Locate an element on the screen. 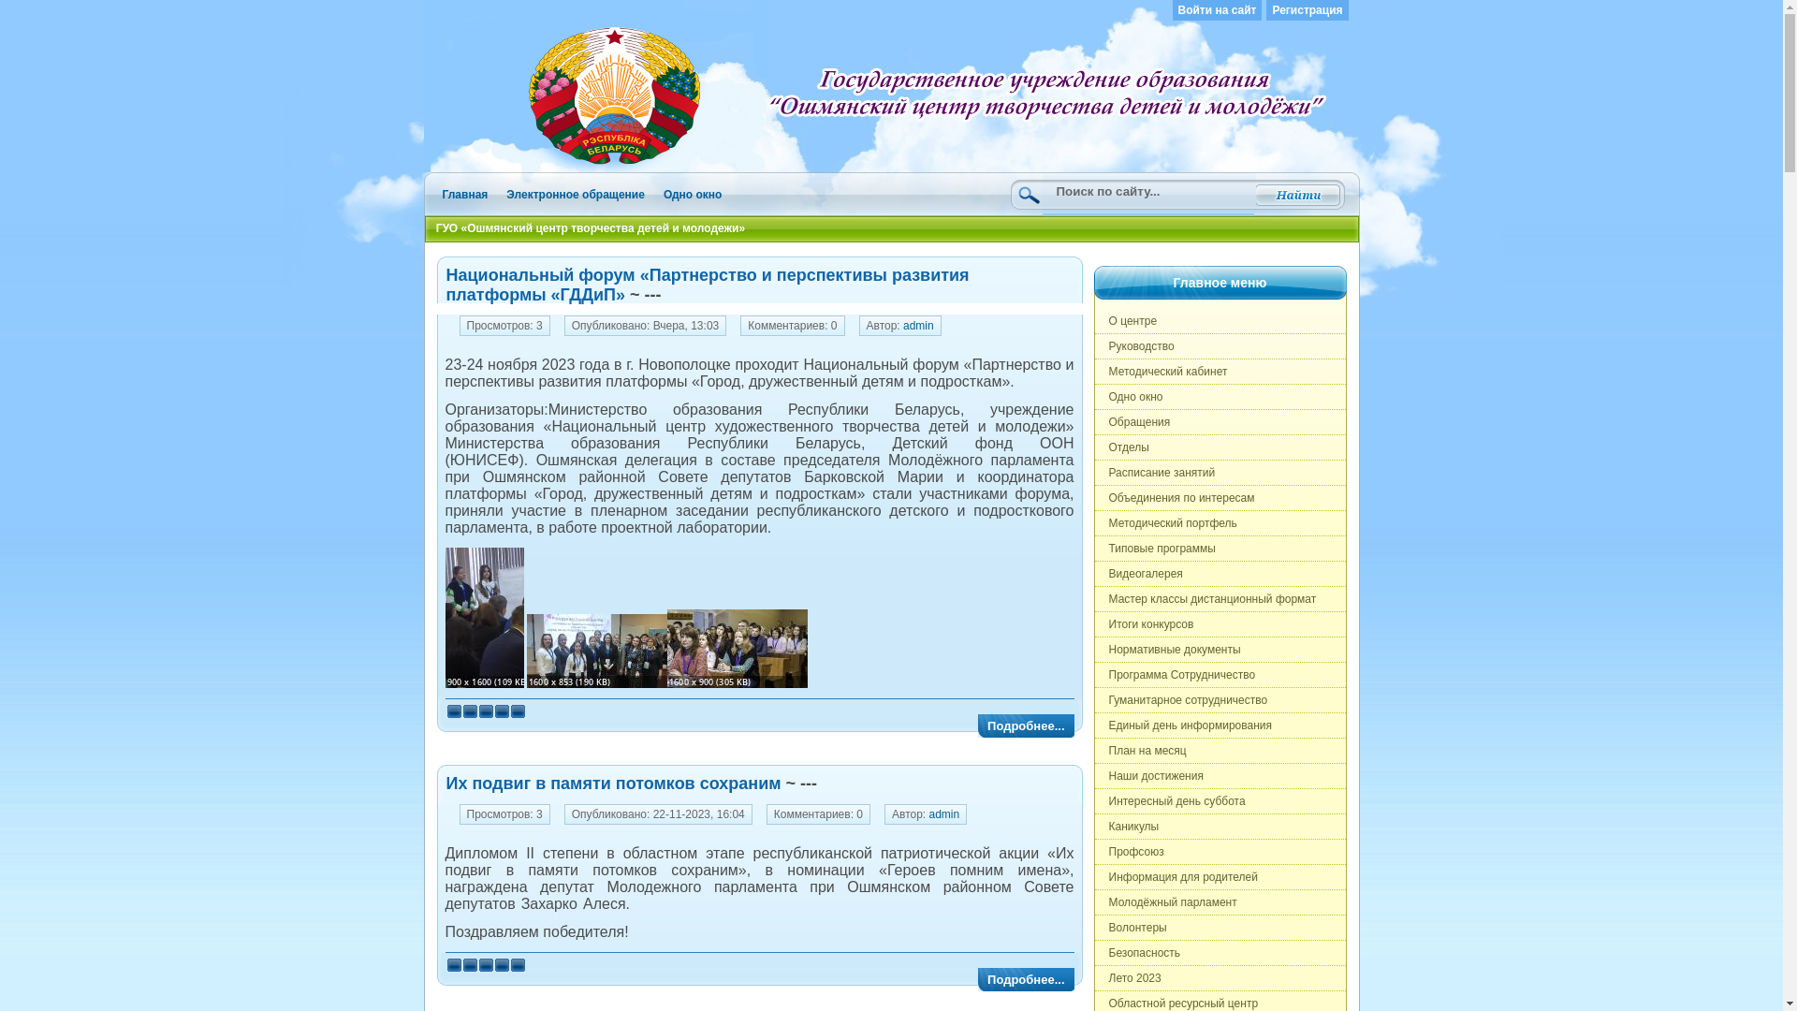 The height and width of the screenshot is (1011, 1797). 'admin' is located at coordinates (918, 324).